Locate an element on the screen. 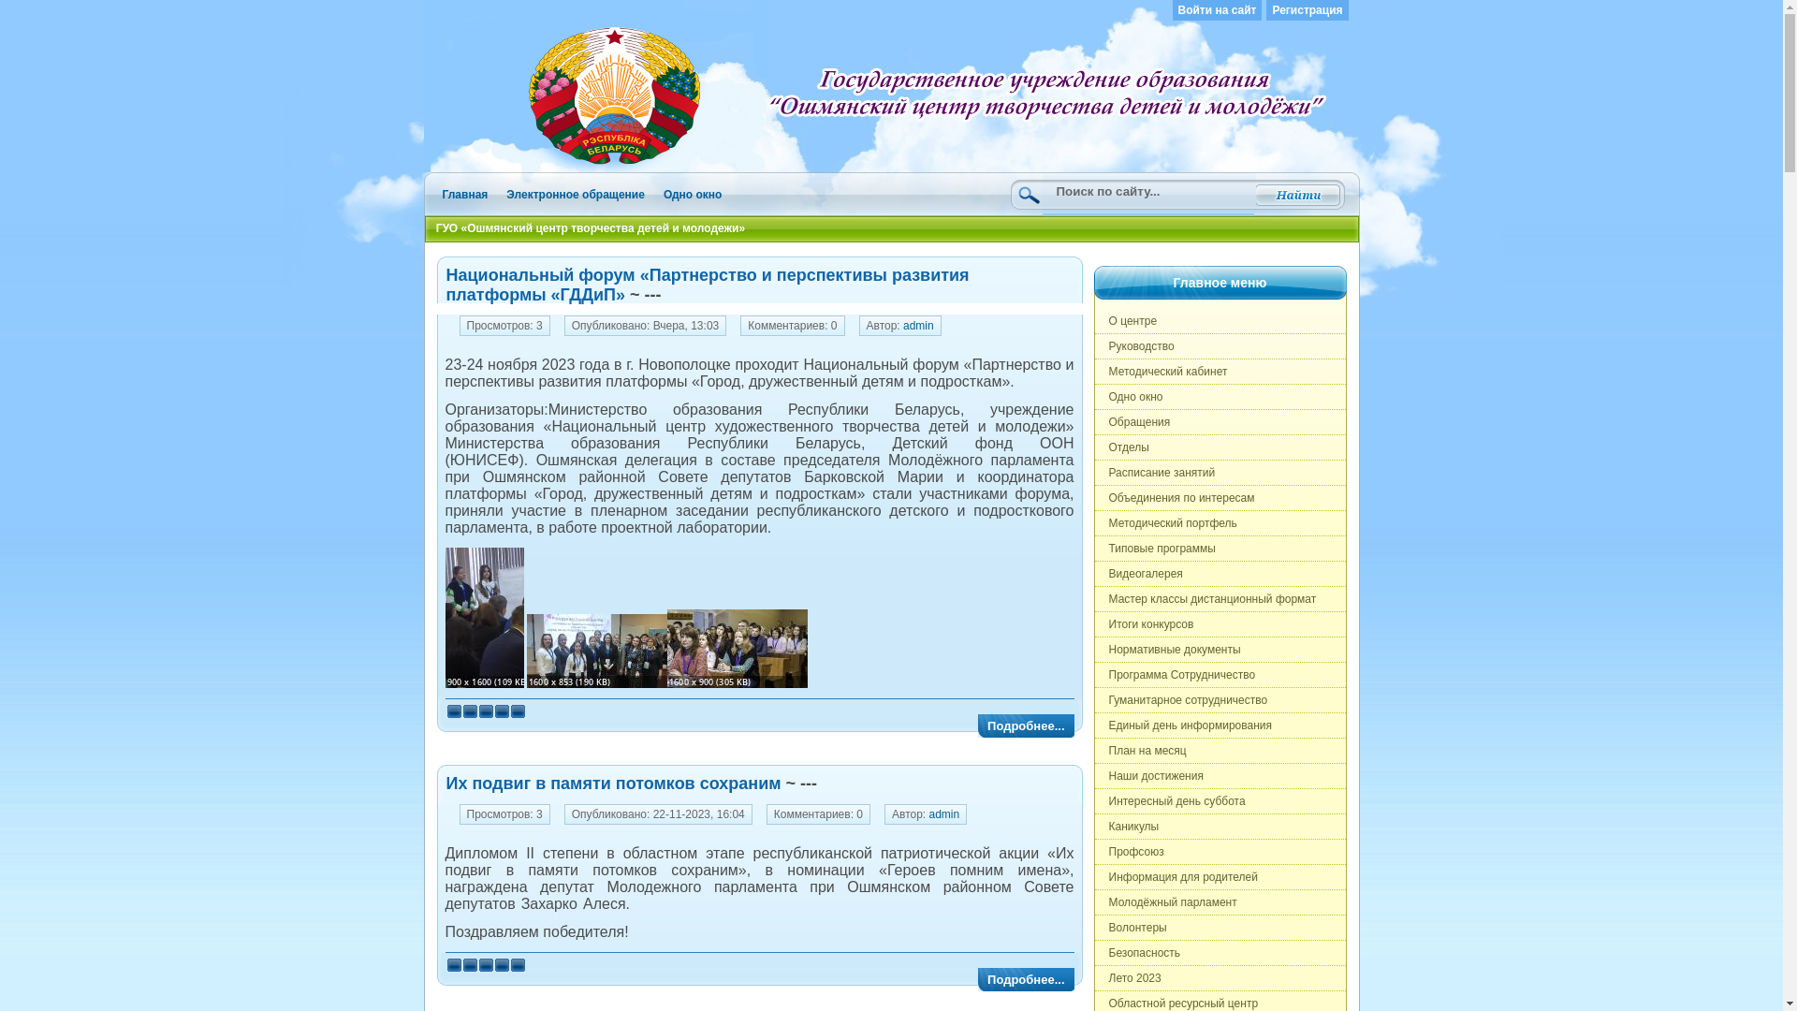 The height and width of the screenshot is (1011, 1797). 'admin' is located at coordinates (918, 324).